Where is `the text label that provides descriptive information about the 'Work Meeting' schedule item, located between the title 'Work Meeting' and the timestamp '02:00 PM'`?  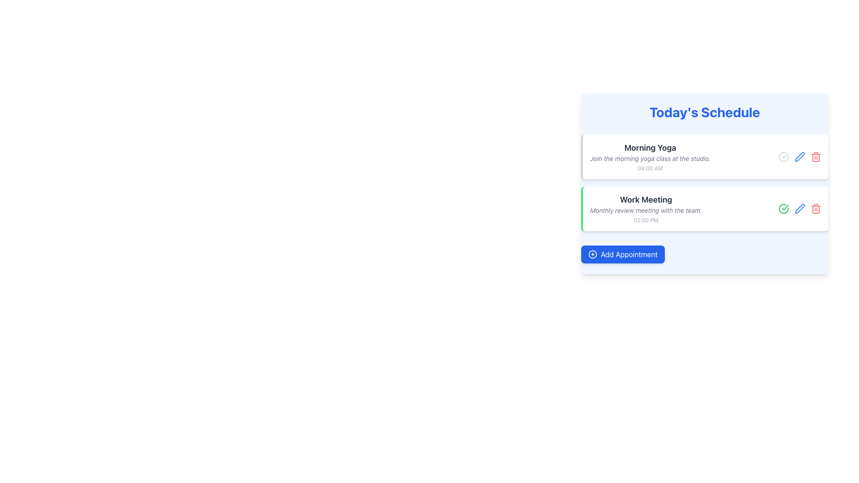 the text label that provides descriptive information about the 'Work Meeting' schedule item, located between the title 'Work Meeting' and the timestamp '02:00 PM' is located at coordinates (646, 210).